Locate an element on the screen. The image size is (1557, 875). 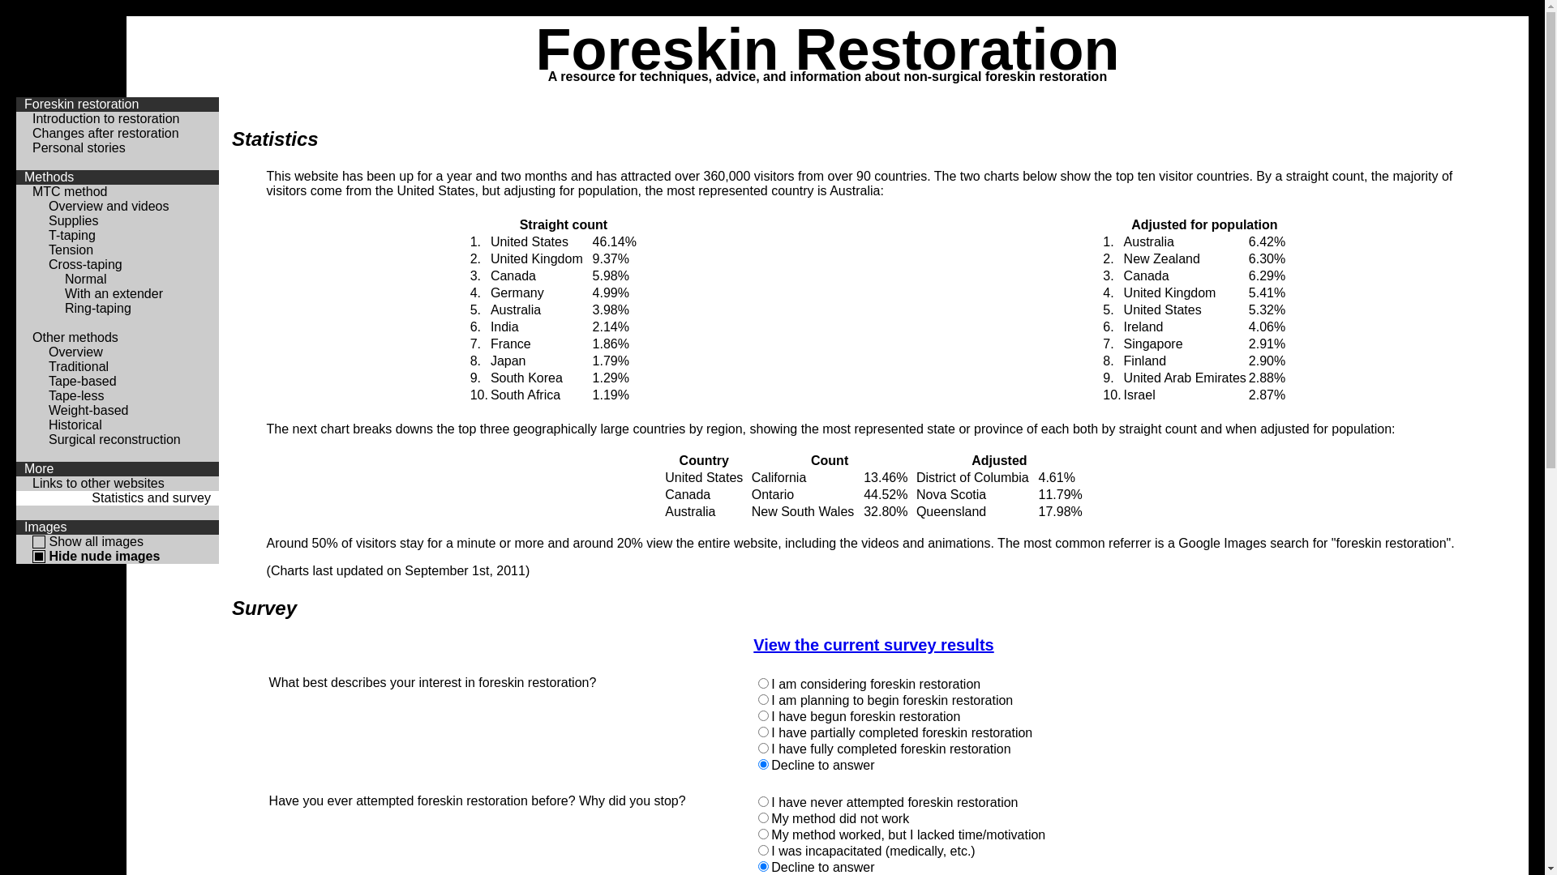
'Overview' is located at coordinates (75, 351).